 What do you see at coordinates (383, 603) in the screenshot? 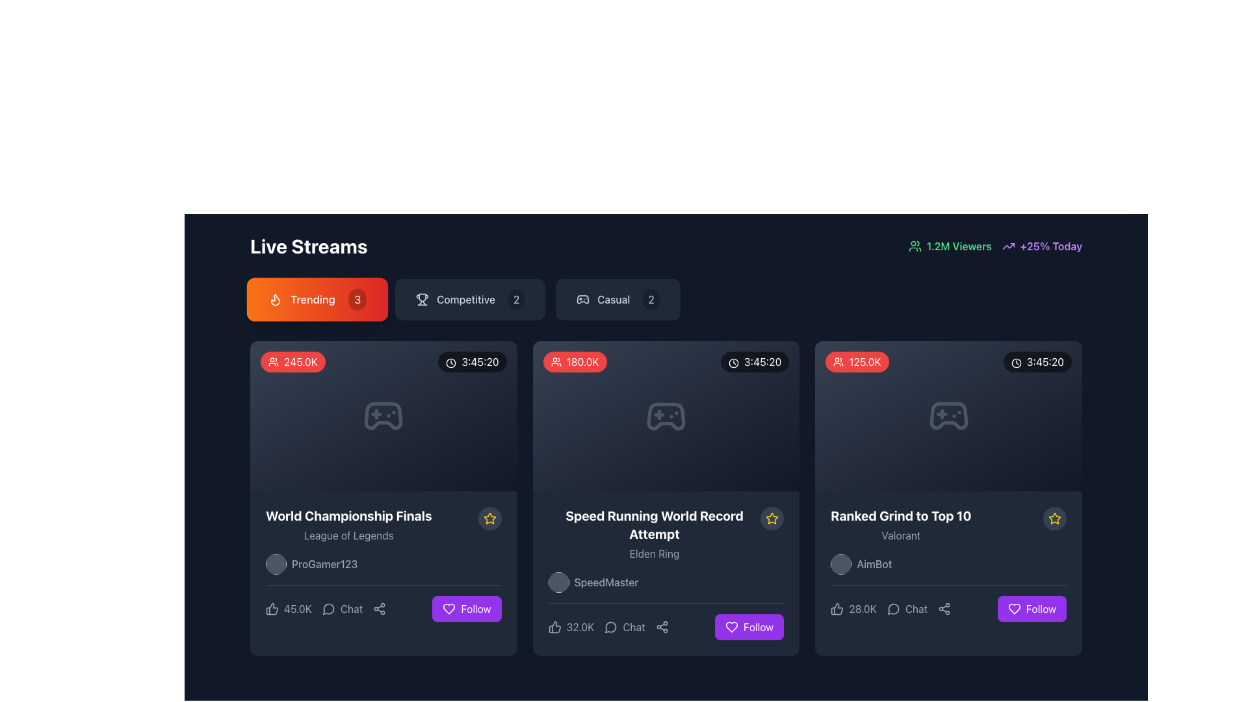
I see `the share icon in the interactive menu bar at the bottom of the 'World Championship Finals' card to share the content` at bounding box center [383, 603].